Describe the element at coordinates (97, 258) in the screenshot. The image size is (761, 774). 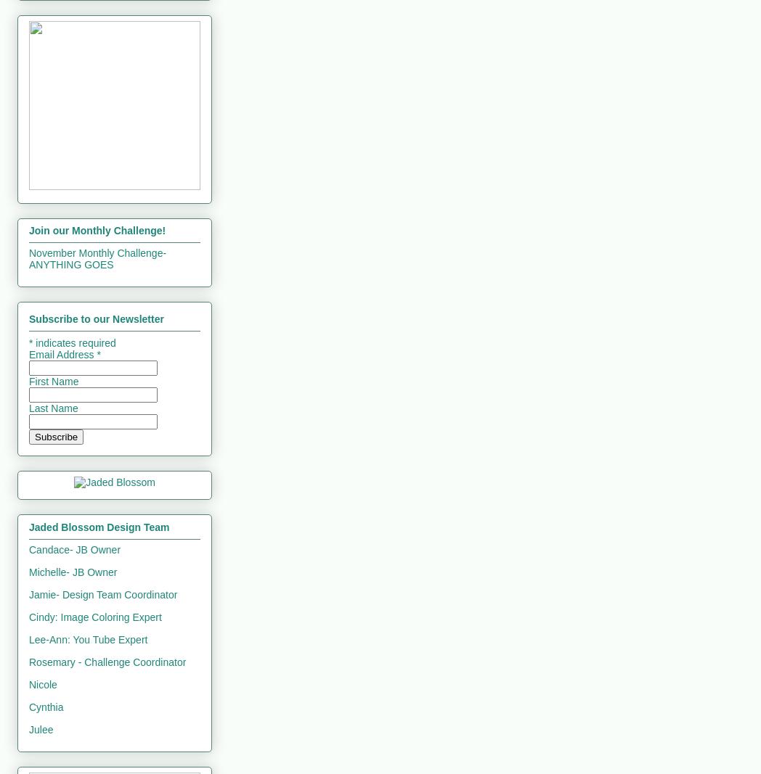
I see `'November Monthly Challenge-ANYTHING GOES'` at that location.